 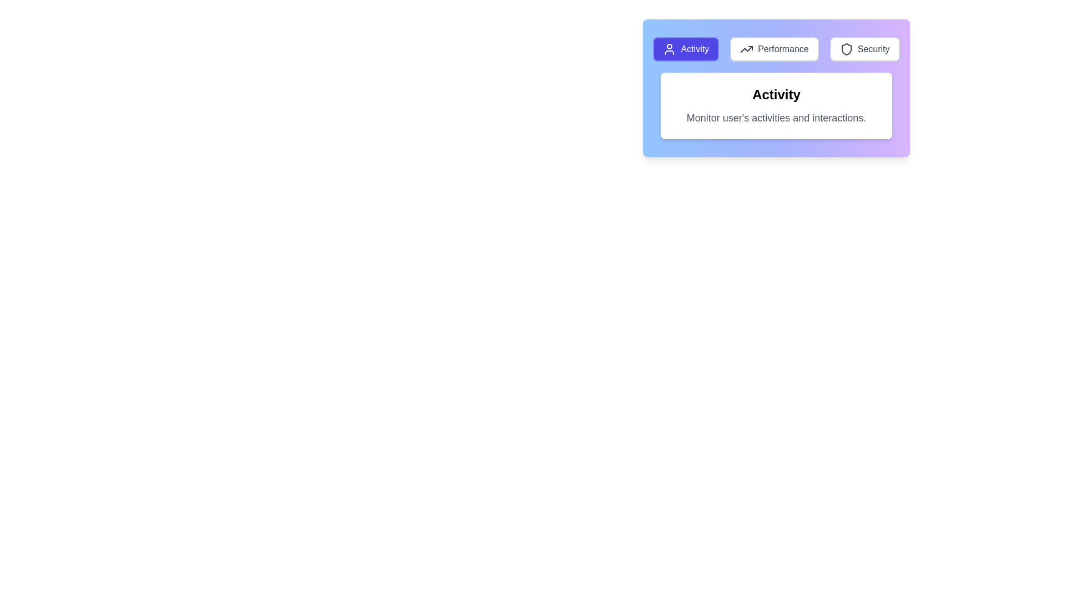 What do you see at coordinates (685, 48) in the screenshot?
I see `the 'Activity' button located at the top-left corner of its group of buttons` at bounding box center [685, 48].